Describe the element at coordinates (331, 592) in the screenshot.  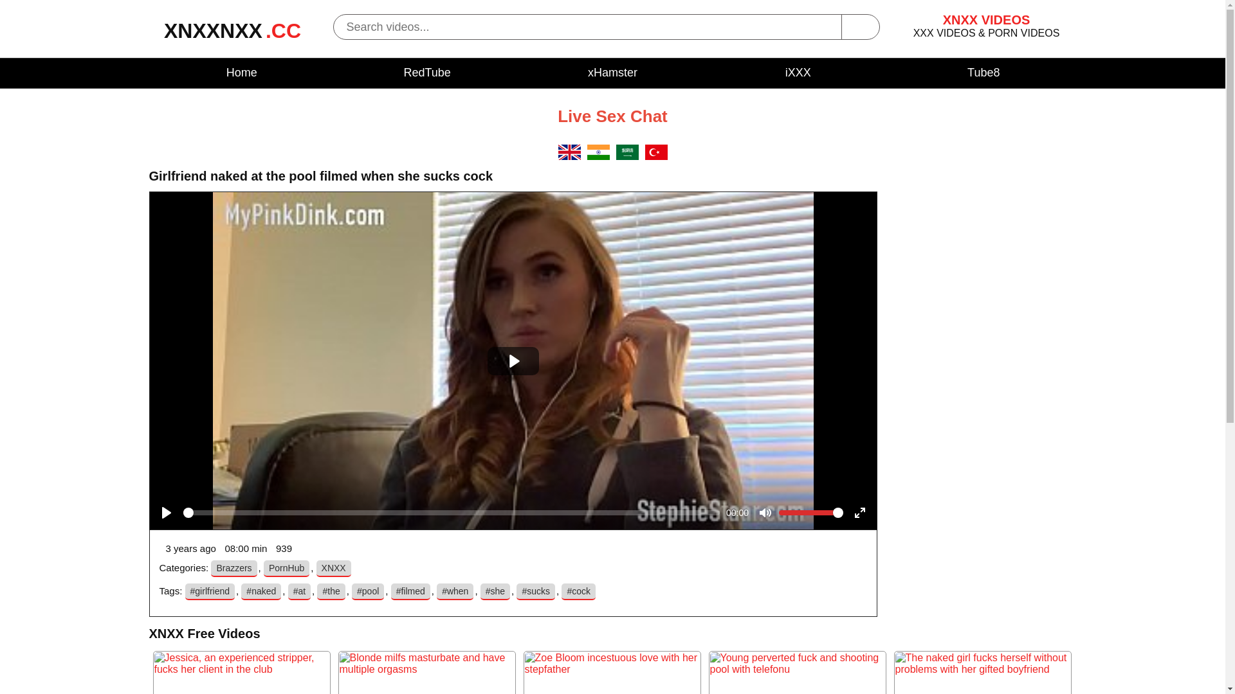
I see `'#the'` at that location.